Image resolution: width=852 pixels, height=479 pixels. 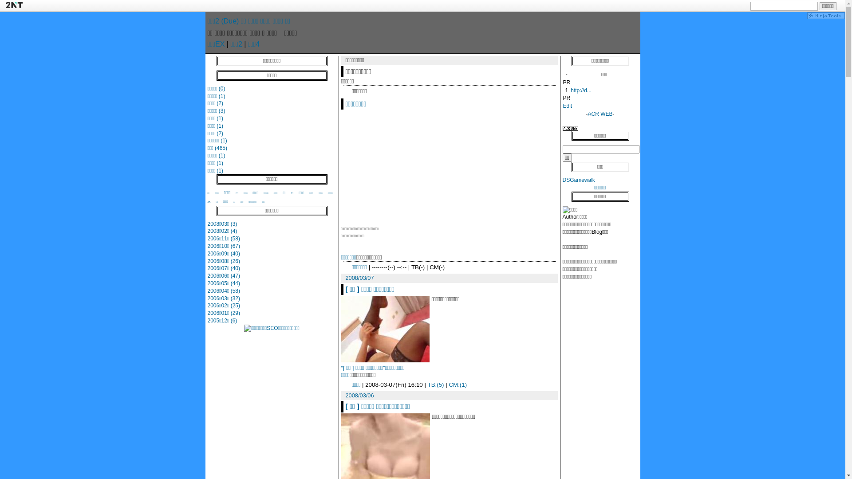 I want to click on 'http://d...', so click(x=581, y=90).